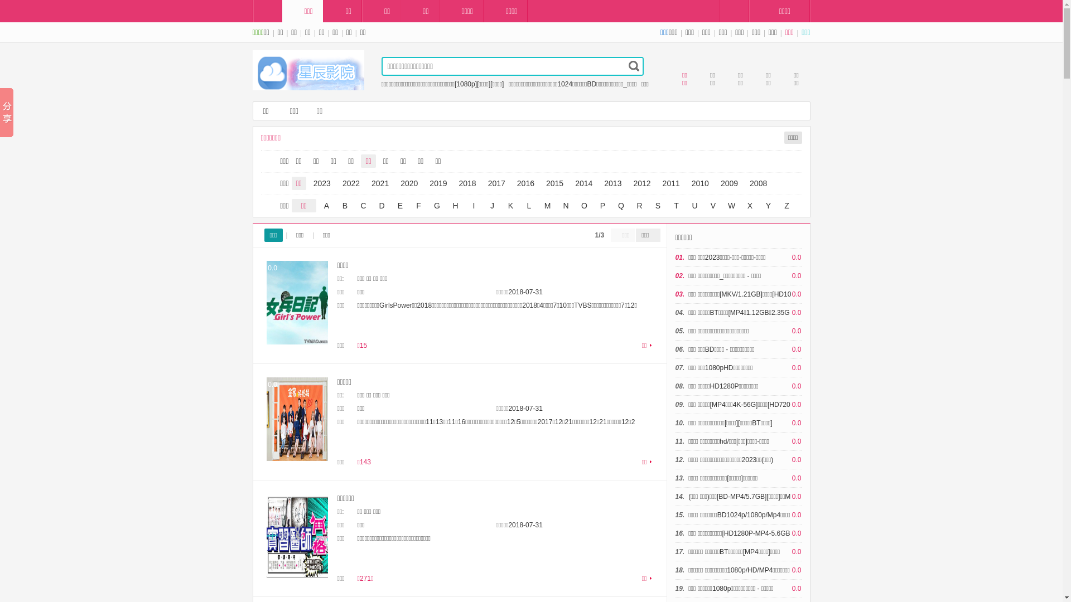  What do you see at coordinates (447, 206) in the screenshot?
I see `'H'` at bounding box center [447, 206].